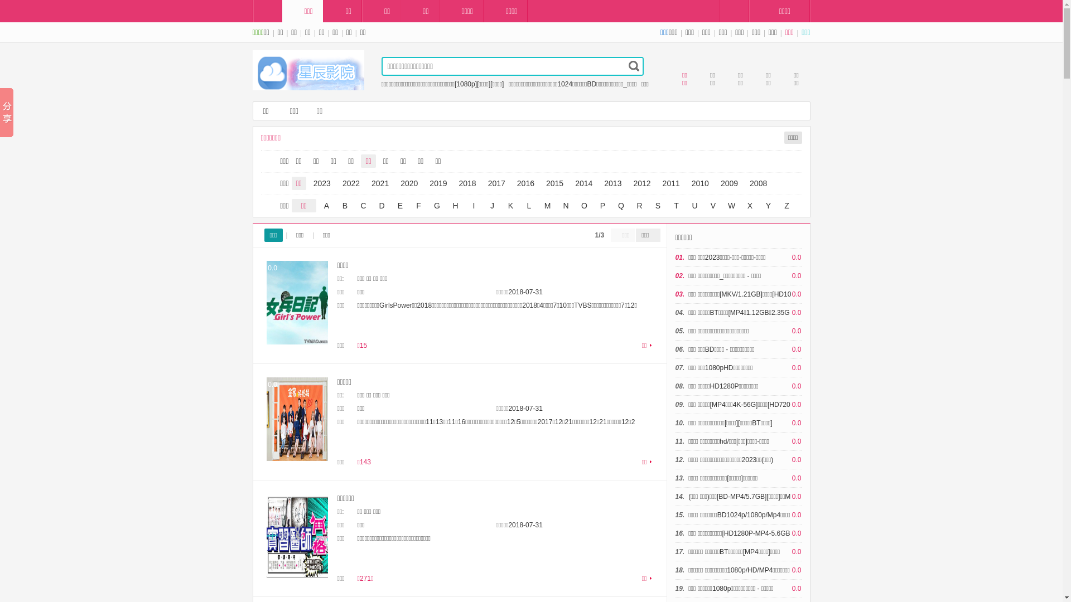  What do you see at coordinates (447, 206) in the screenshot?
I see `'H'` at bounding box center [447, 206].